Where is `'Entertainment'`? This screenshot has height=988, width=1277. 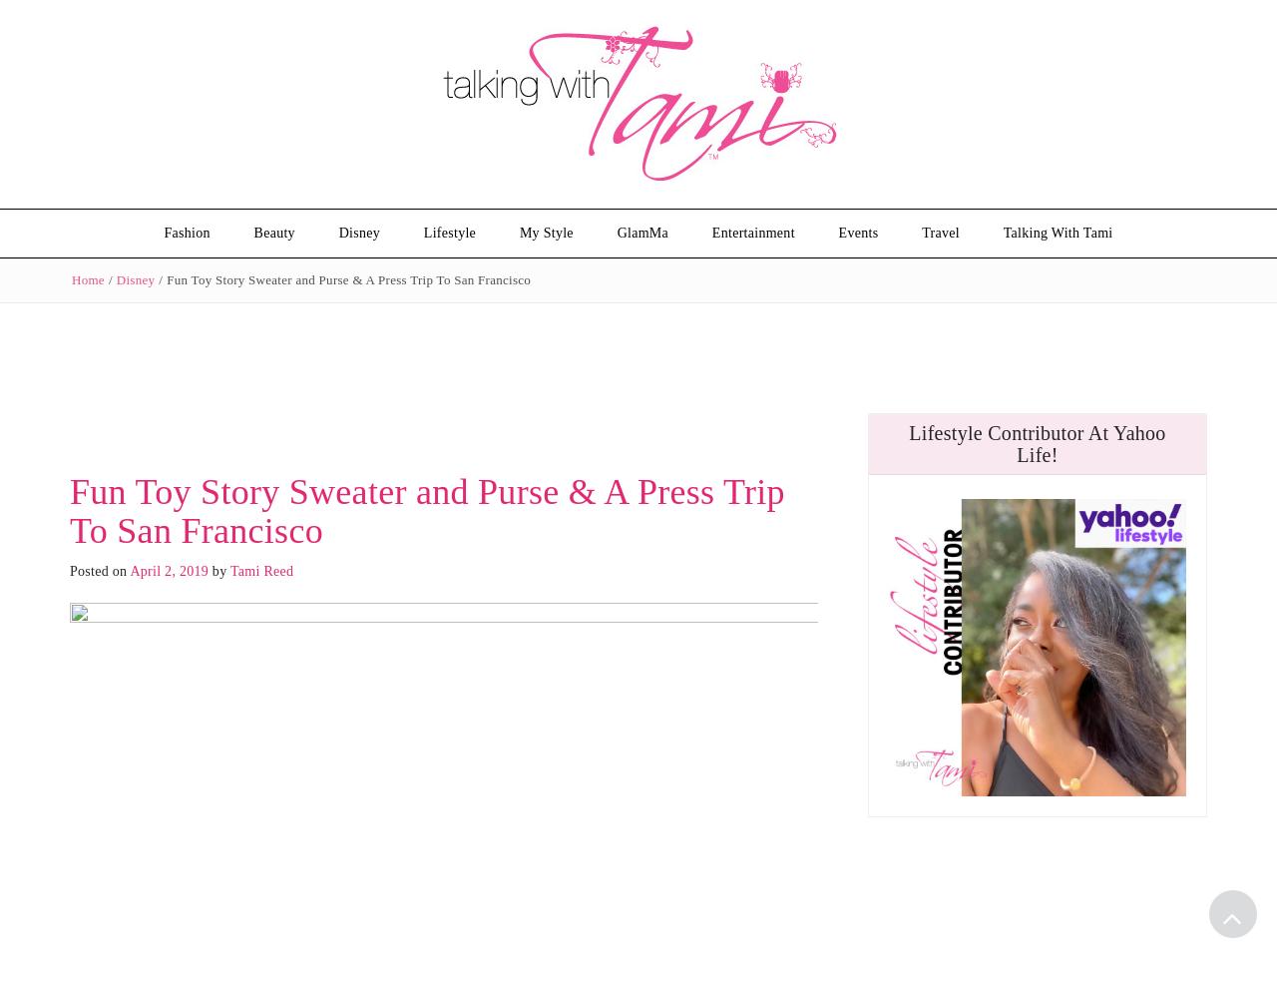 'Entertainment' is located at coordinates (710, 232).